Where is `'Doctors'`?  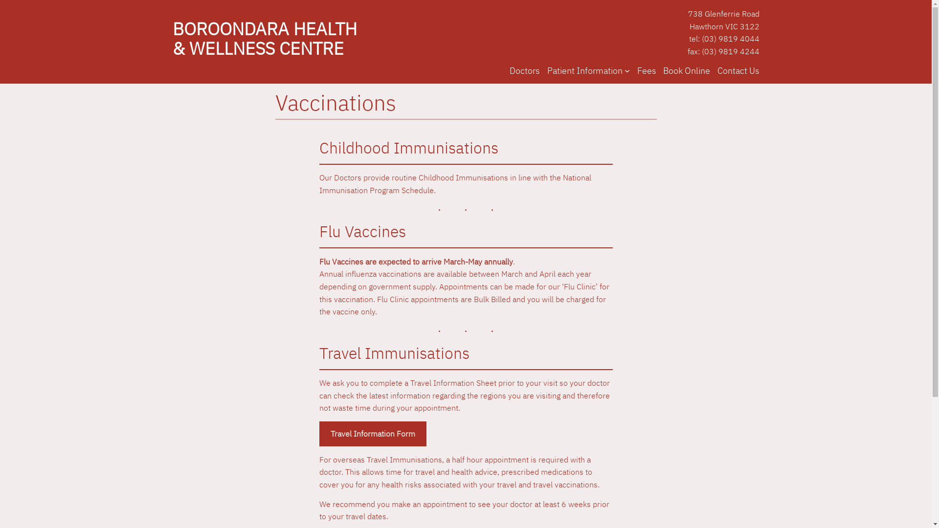
'Doctors' is located at coordinates (524, 69).